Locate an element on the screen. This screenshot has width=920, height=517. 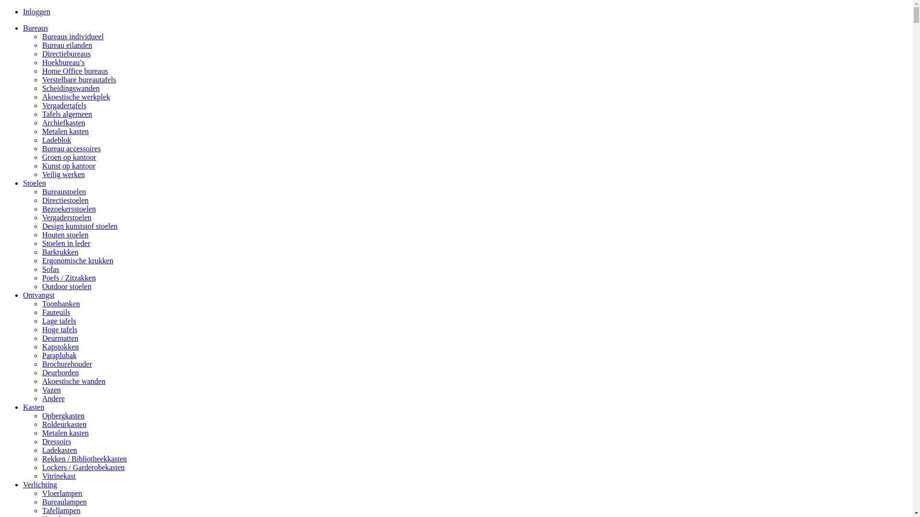
'Poefs / Zitzakken' is located at coordinates (69, 278).